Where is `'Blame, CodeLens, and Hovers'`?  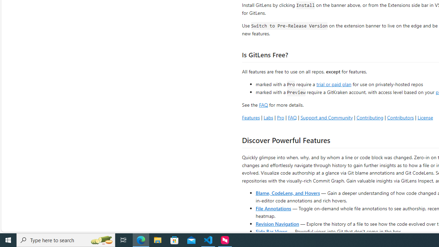 'Blame, CodeLens, and Hovers' is located at coordinates (288, 192).